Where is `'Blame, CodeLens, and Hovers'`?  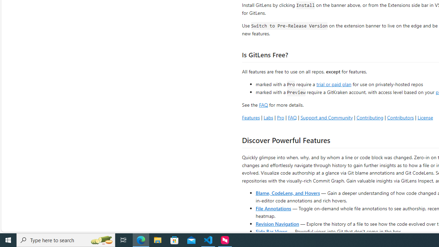 'Blame, CodeLens, and Hovers' is located at coordinates (288, 192).